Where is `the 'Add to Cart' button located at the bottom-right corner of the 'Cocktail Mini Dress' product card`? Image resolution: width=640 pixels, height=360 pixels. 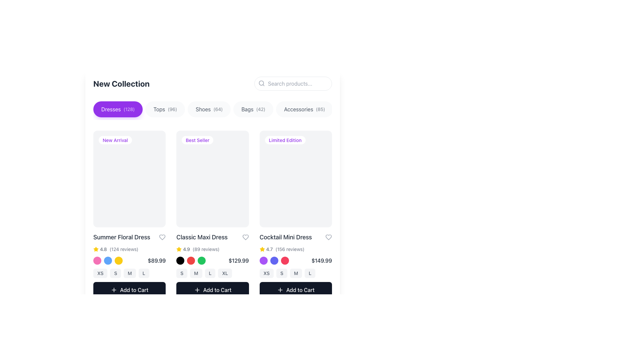
the 'Add to Cart' button located at the bottom-right corner of the 'Cocktail Mini Dress' product card is located at coordinates (300, 289).